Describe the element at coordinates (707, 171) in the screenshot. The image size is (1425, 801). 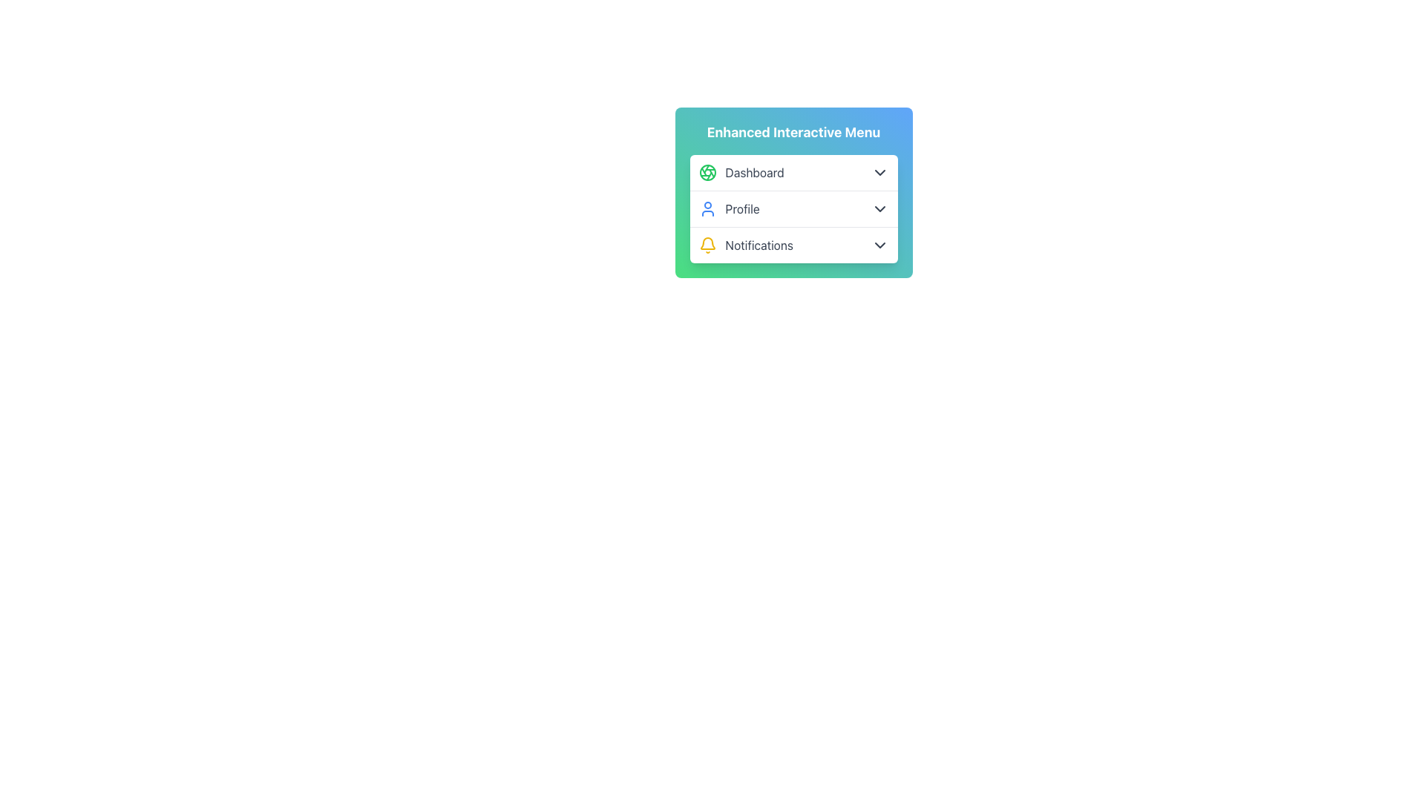
I see `the circular part of the SVG icon that represents a stylized aperture design, located near the top-center region of the icon` at that location.